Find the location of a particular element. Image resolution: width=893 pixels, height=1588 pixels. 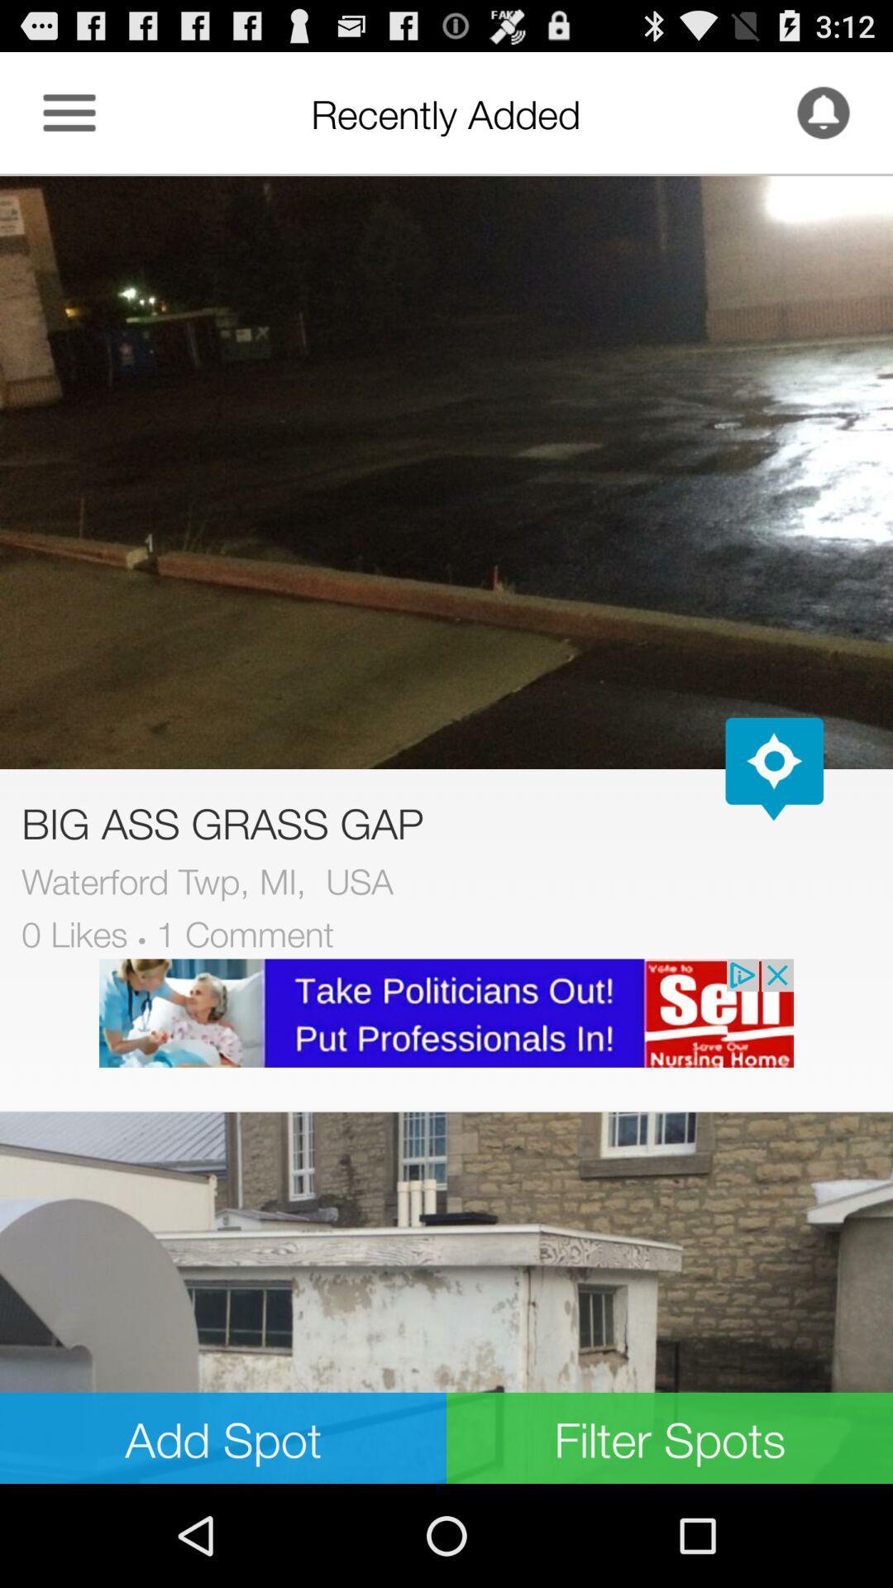

turn on notifications is located at coordinates (823, 112).